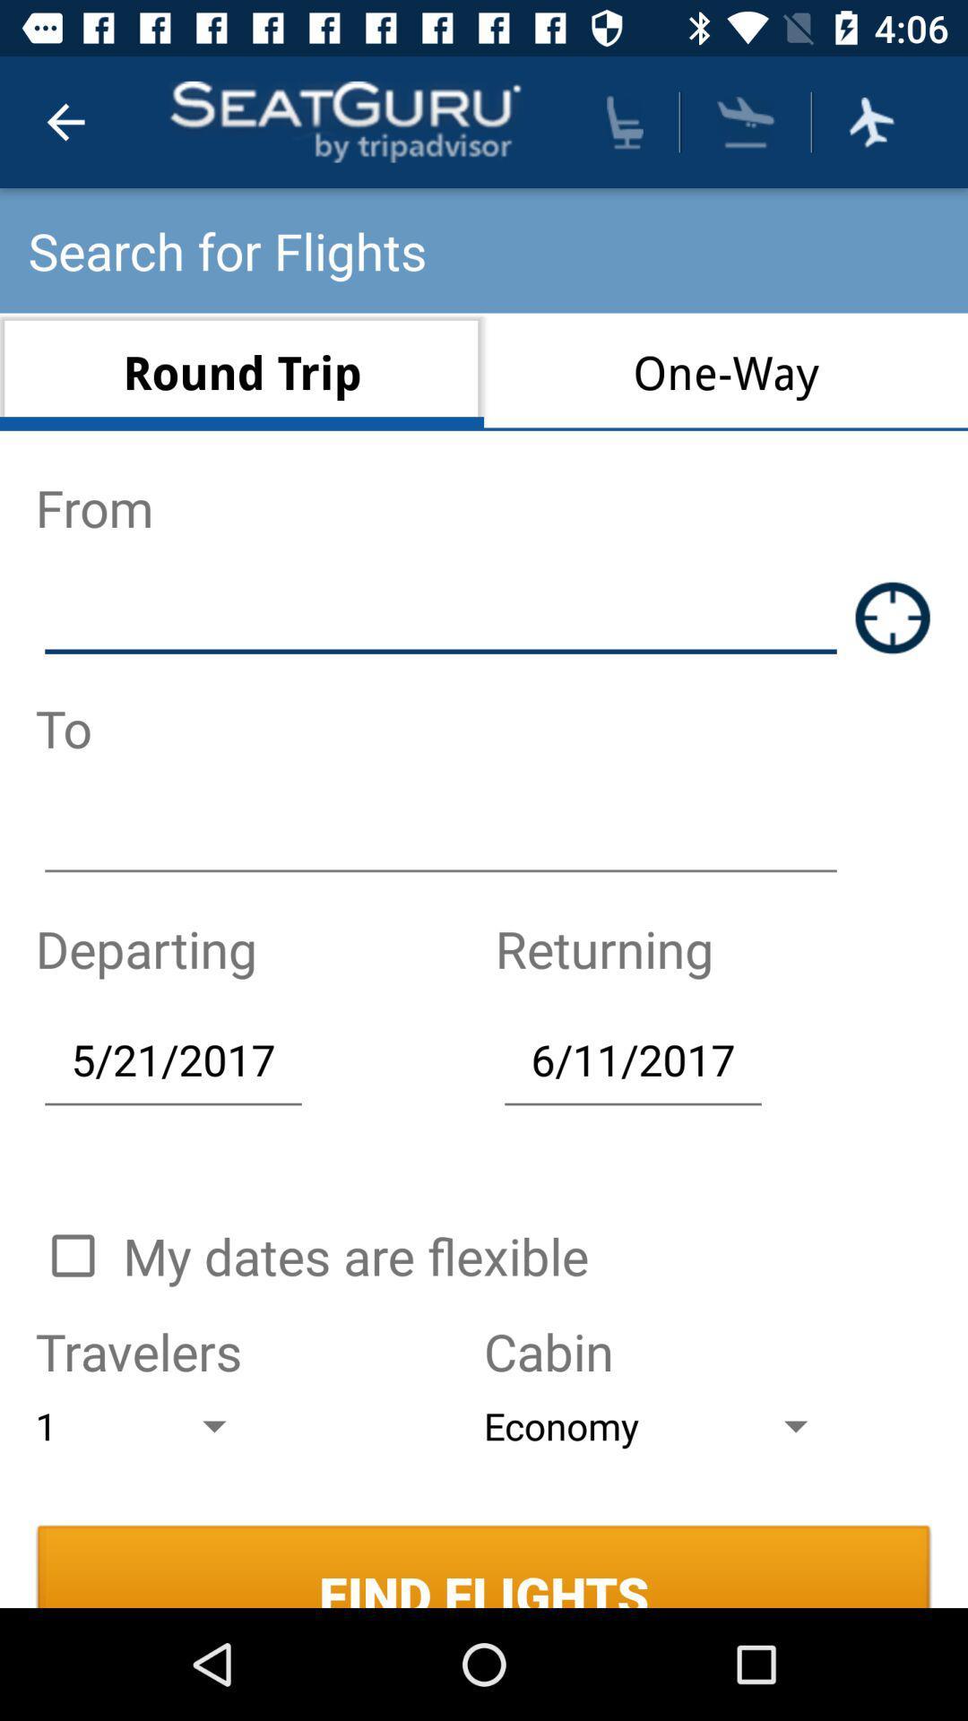 This screenshot has width=968, height=1721. What do you see at coordinates (746, 121) in the screenshot?
I see `drop down menu` at bounding box center [746, 121].